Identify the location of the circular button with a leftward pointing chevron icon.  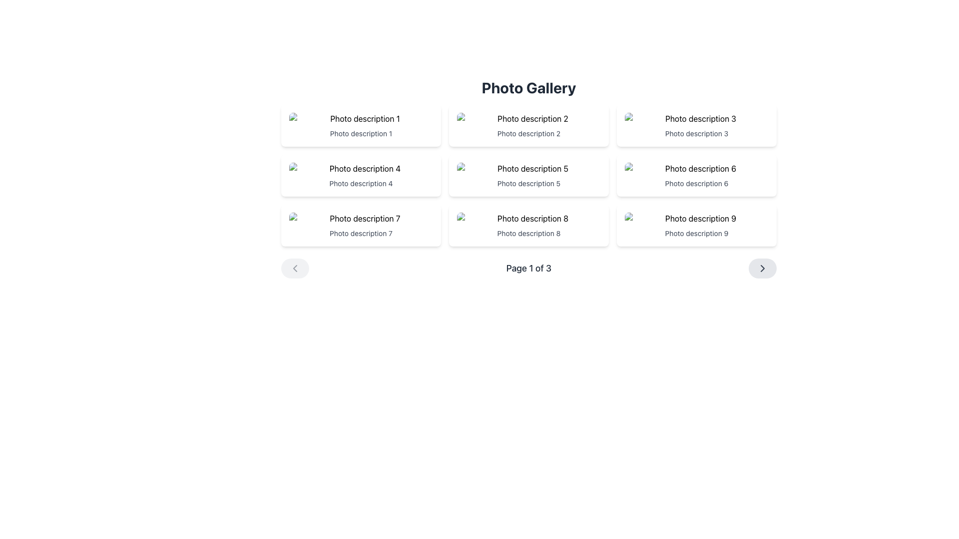
(294, 268).